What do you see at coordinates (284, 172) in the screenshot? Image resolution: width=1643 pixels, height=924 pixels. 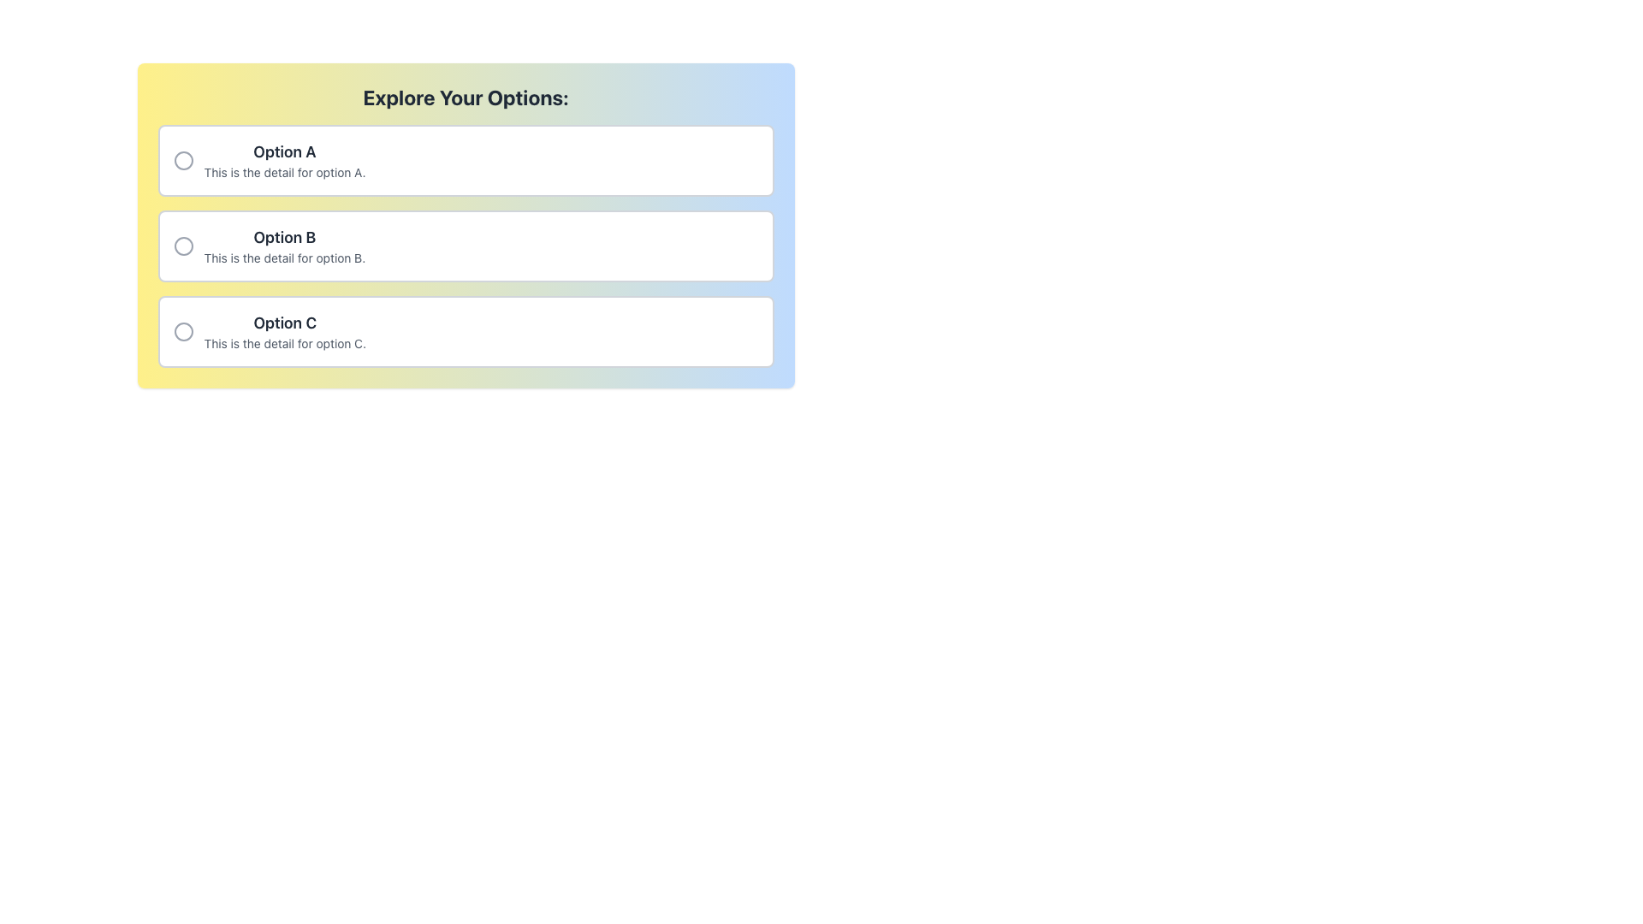 I see `the static text label that reads 'This is the detail for option A.' located beneath the header 'Option A'` at bounding box center [284, 172].